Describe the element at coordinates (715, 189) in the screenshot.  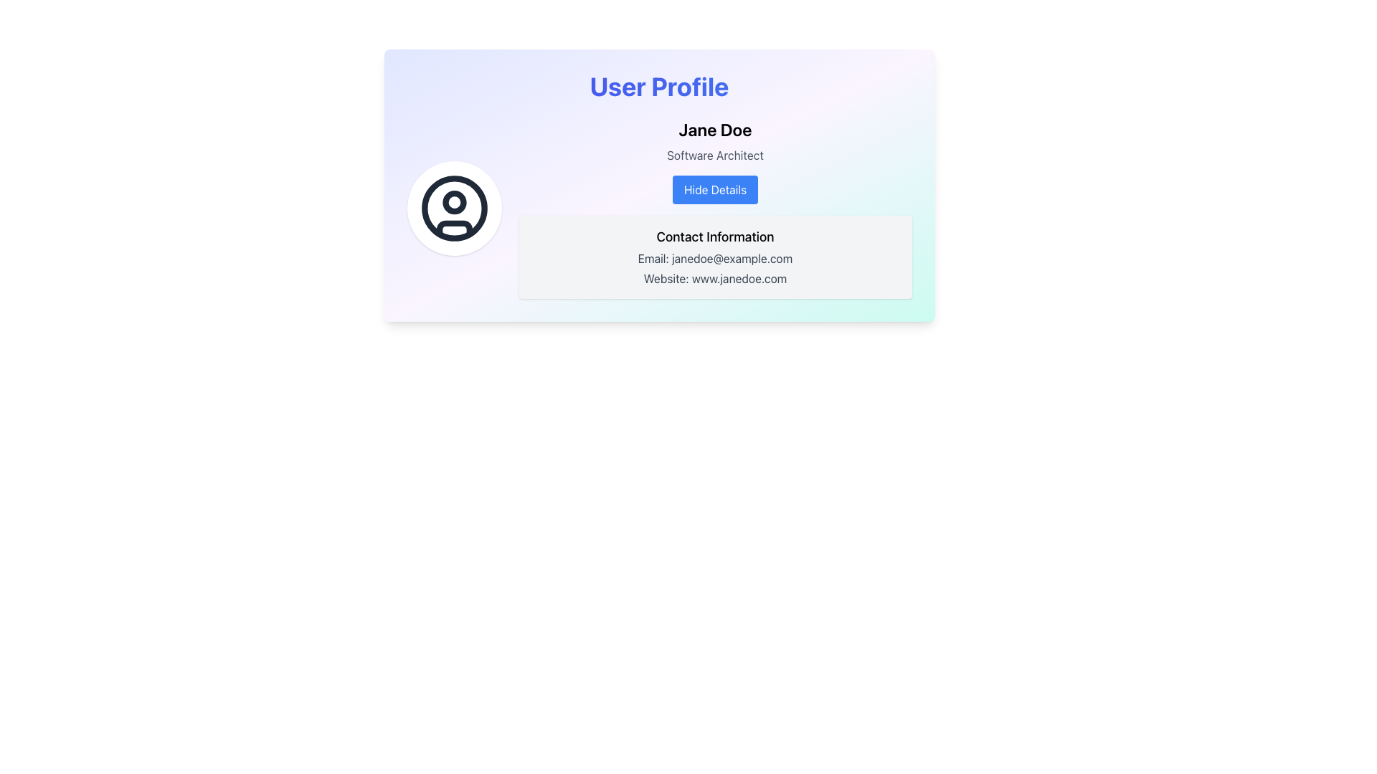
I see `the button located below the title 'Software Architect' to hide additional details such as contact information` at that location.